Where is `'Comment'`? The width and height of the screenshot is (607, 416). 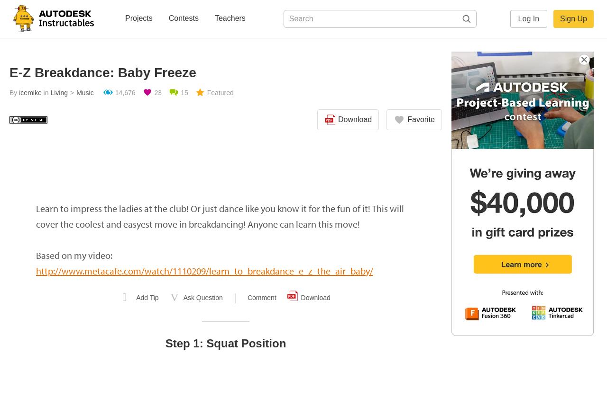 'Comment' is located at coordinates (261, 298).